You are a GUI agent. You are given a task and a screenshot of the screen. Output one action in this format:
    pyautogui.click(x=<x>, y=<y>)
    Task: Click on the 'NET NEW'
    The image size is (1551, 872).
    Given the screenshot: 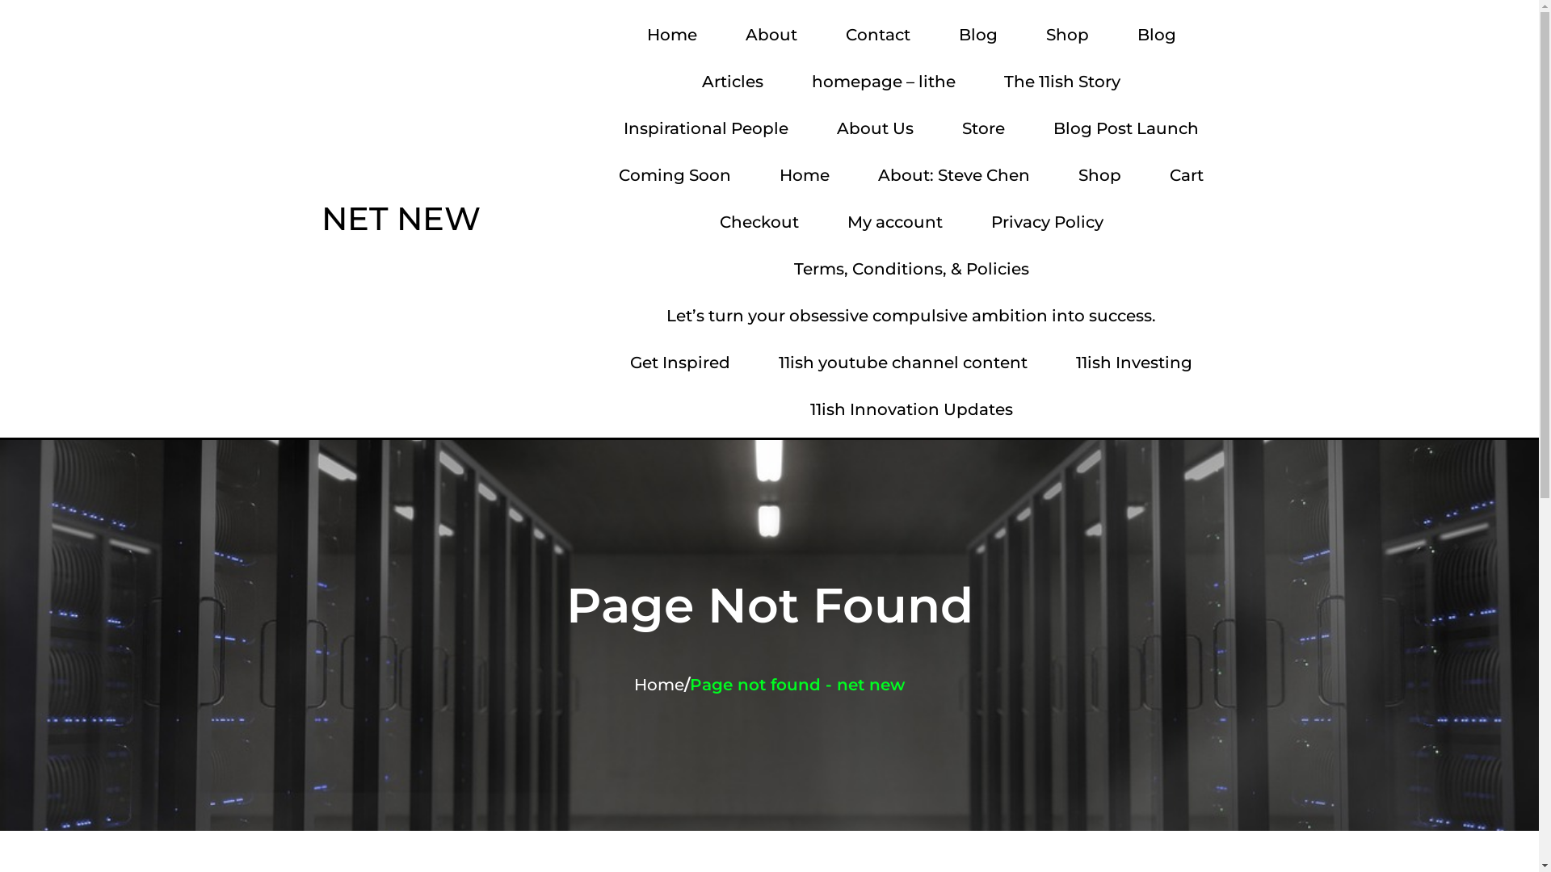 What is the action you would take?
    pyautogui.click(x=305, y=218)
    